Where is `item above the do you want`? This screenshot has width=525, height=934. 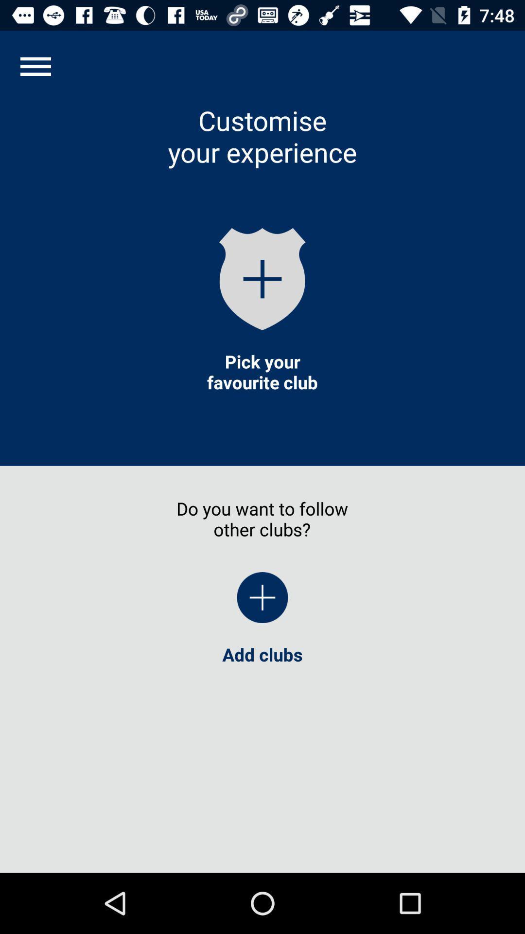
item above the do you want is located at coordinates (262, 371).